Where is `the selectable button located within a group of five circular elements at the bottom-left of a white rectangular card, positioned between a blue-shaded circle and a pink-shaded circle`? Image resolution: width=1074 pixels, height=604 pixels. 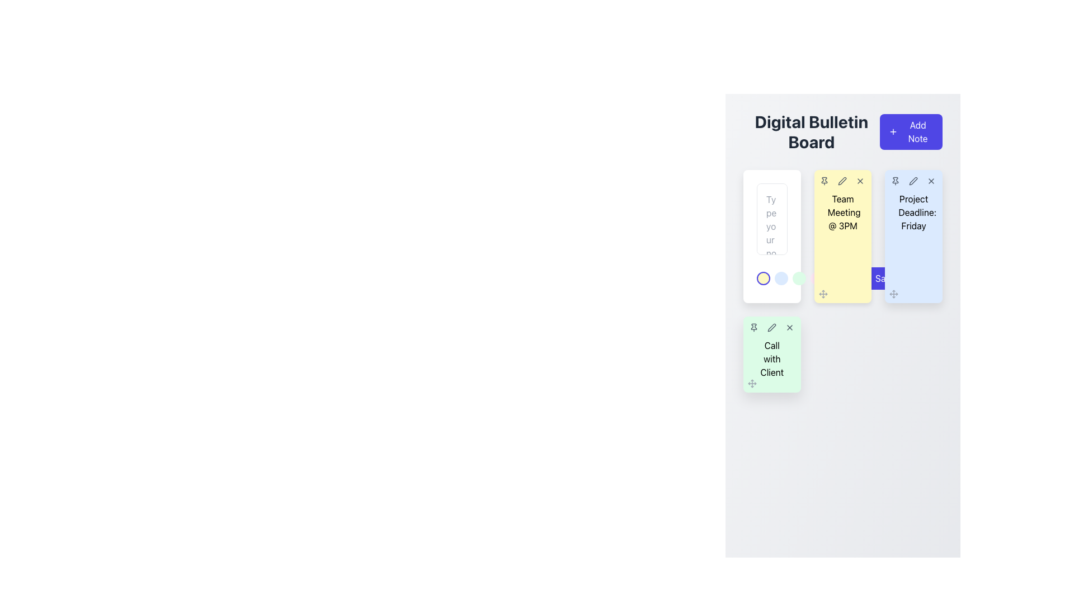
the selectable button located within a group of five circular elements at the bottom-left of a white rectangular card, positioned between a blue-shaded circle and a pink-shaded circle is located at coordinates (799, 277).